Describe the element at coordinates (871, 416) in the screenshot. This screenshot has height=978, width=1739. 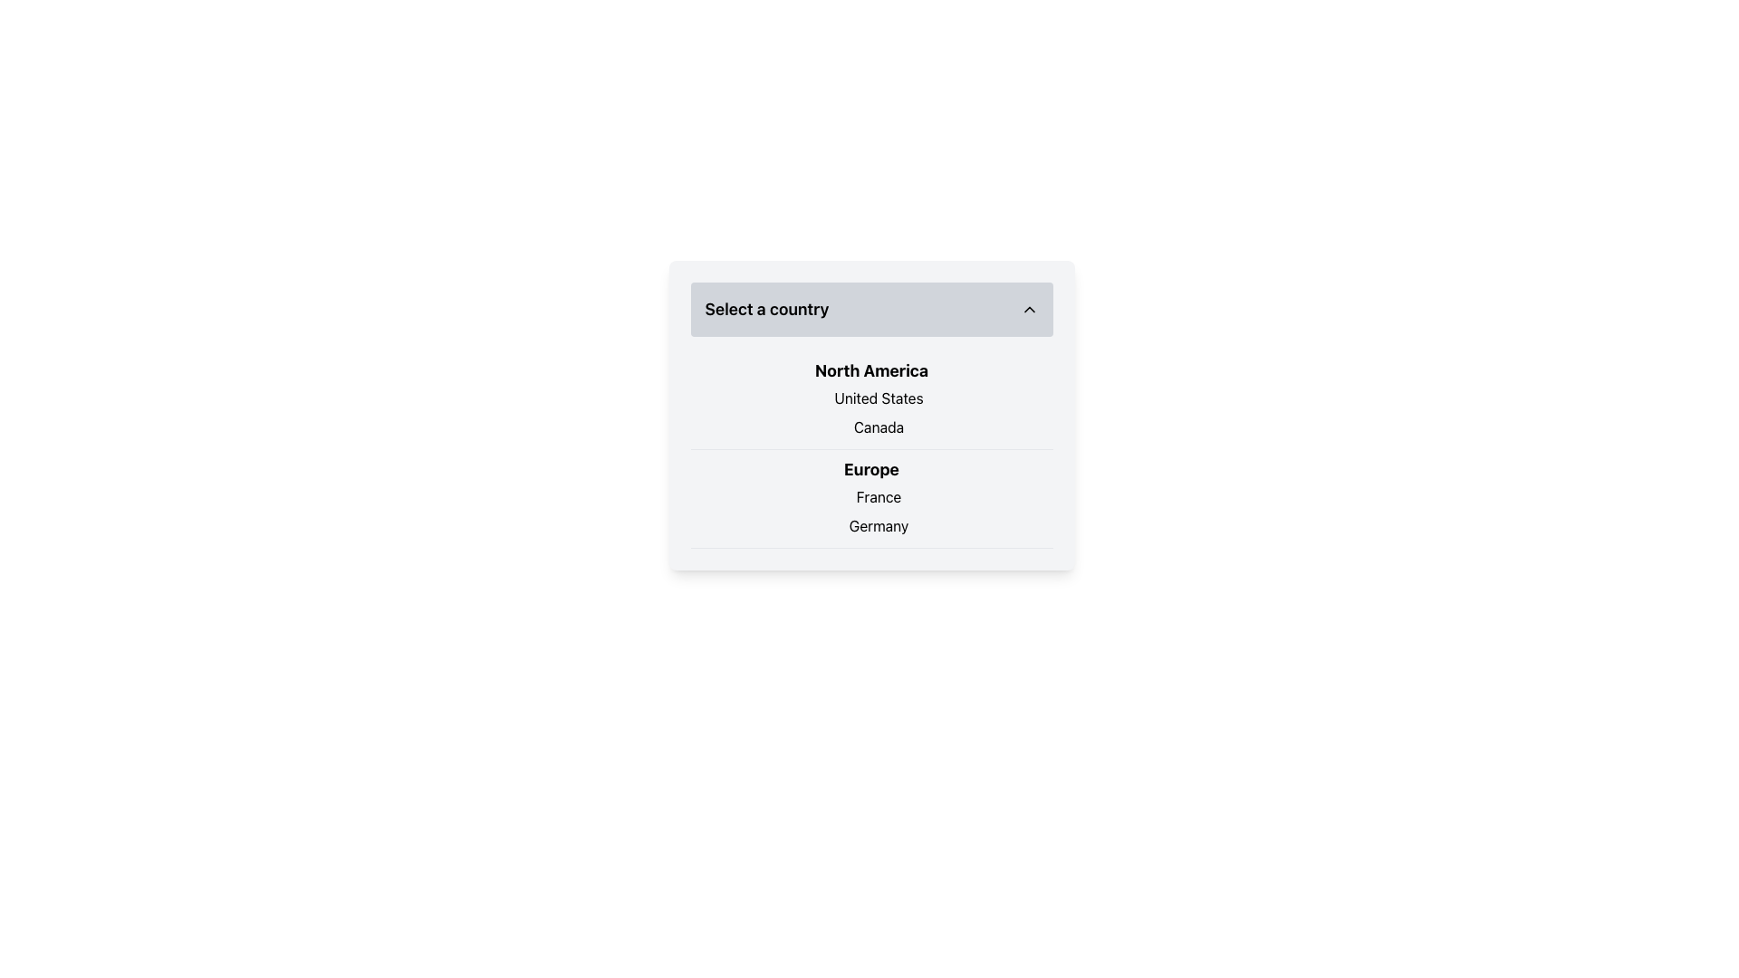
I see `the header 'Select a country' of the dropdown menu` at that location.